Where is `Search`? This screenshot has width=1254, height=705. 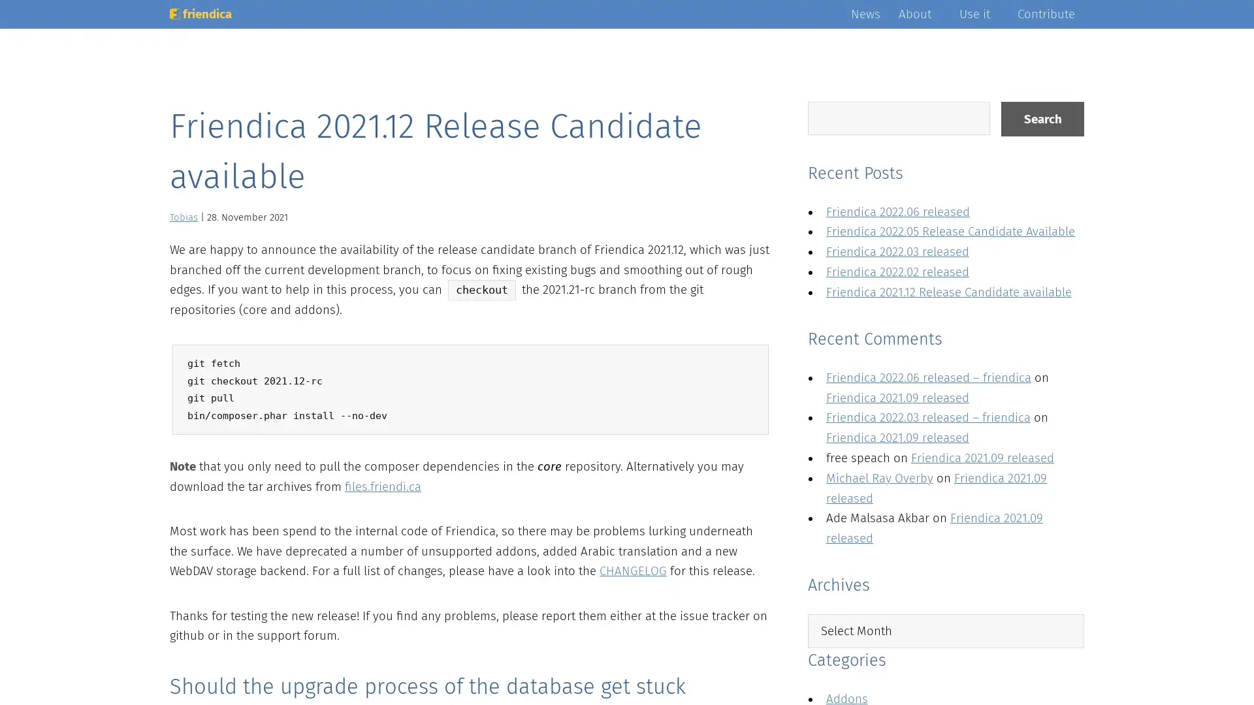 Search is located at coordinates (1042, 119).